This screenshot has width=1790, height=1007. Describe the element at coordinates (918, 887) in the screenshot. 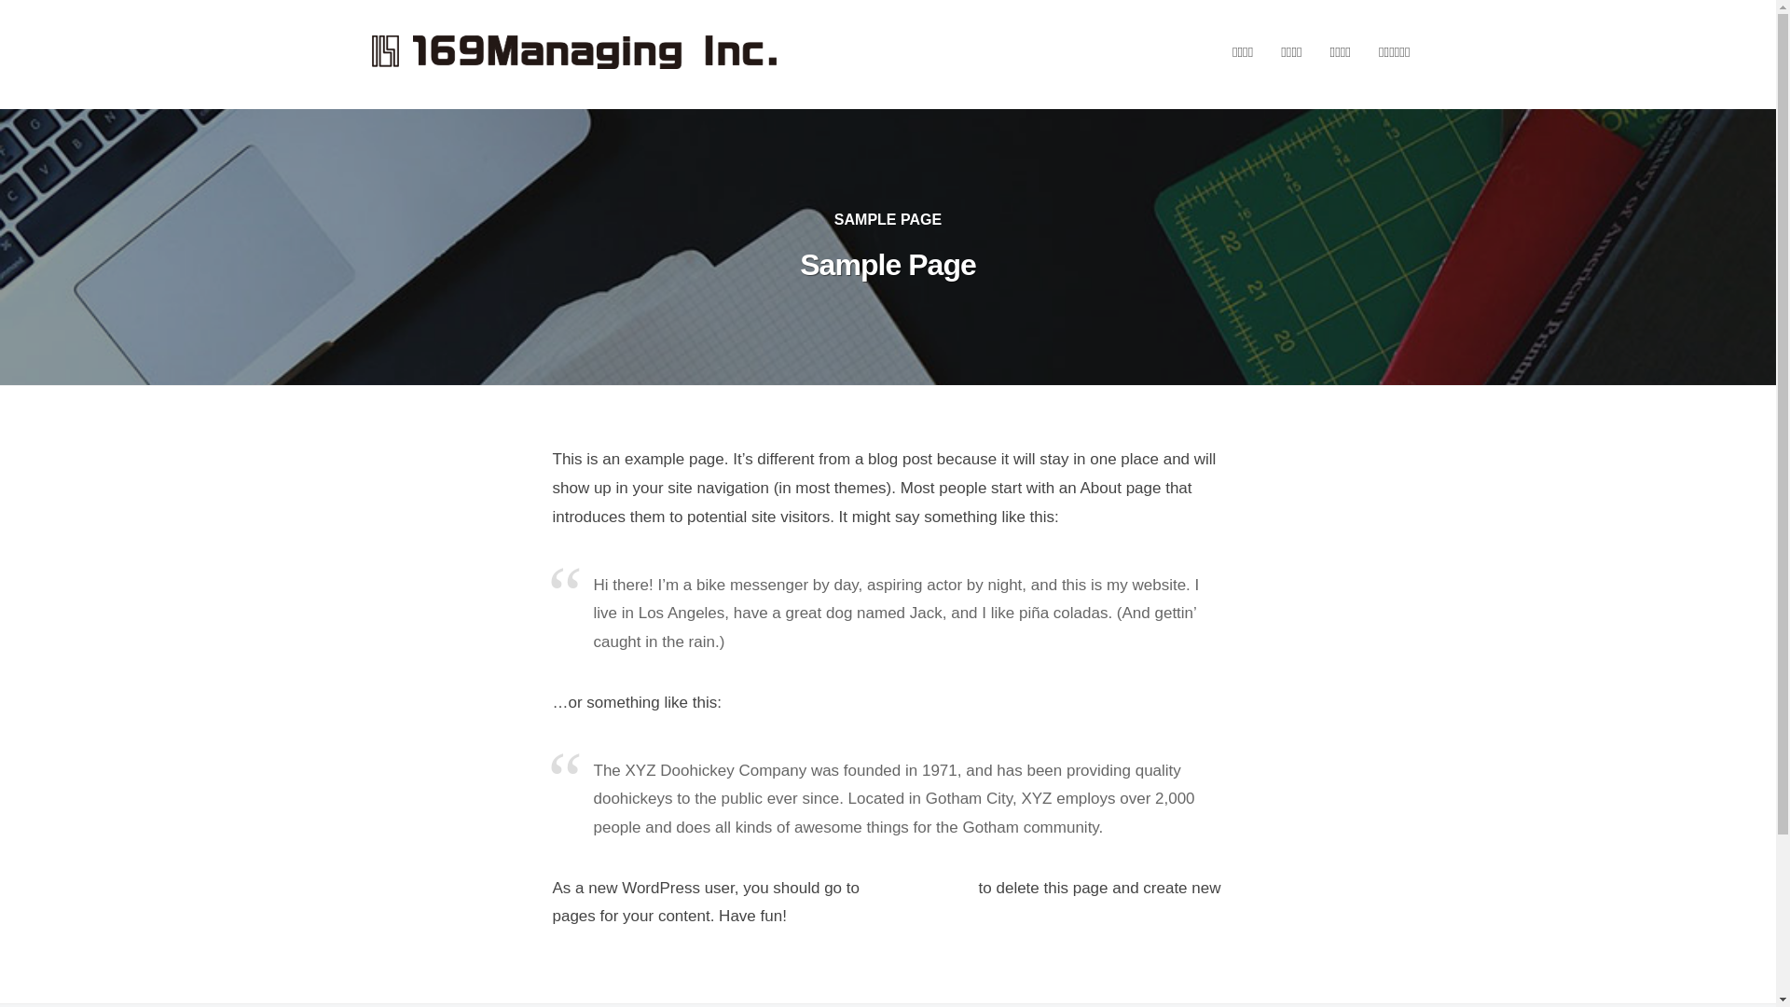

I see `'your dashboard'` at that location.